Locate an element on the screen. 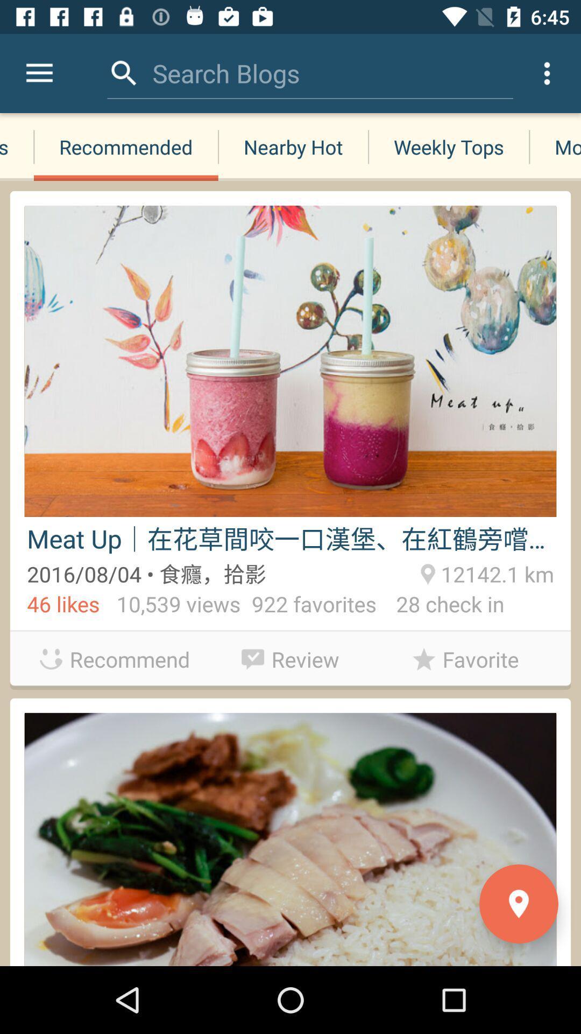  item below search blogs item is located at coordinates (293, 146).